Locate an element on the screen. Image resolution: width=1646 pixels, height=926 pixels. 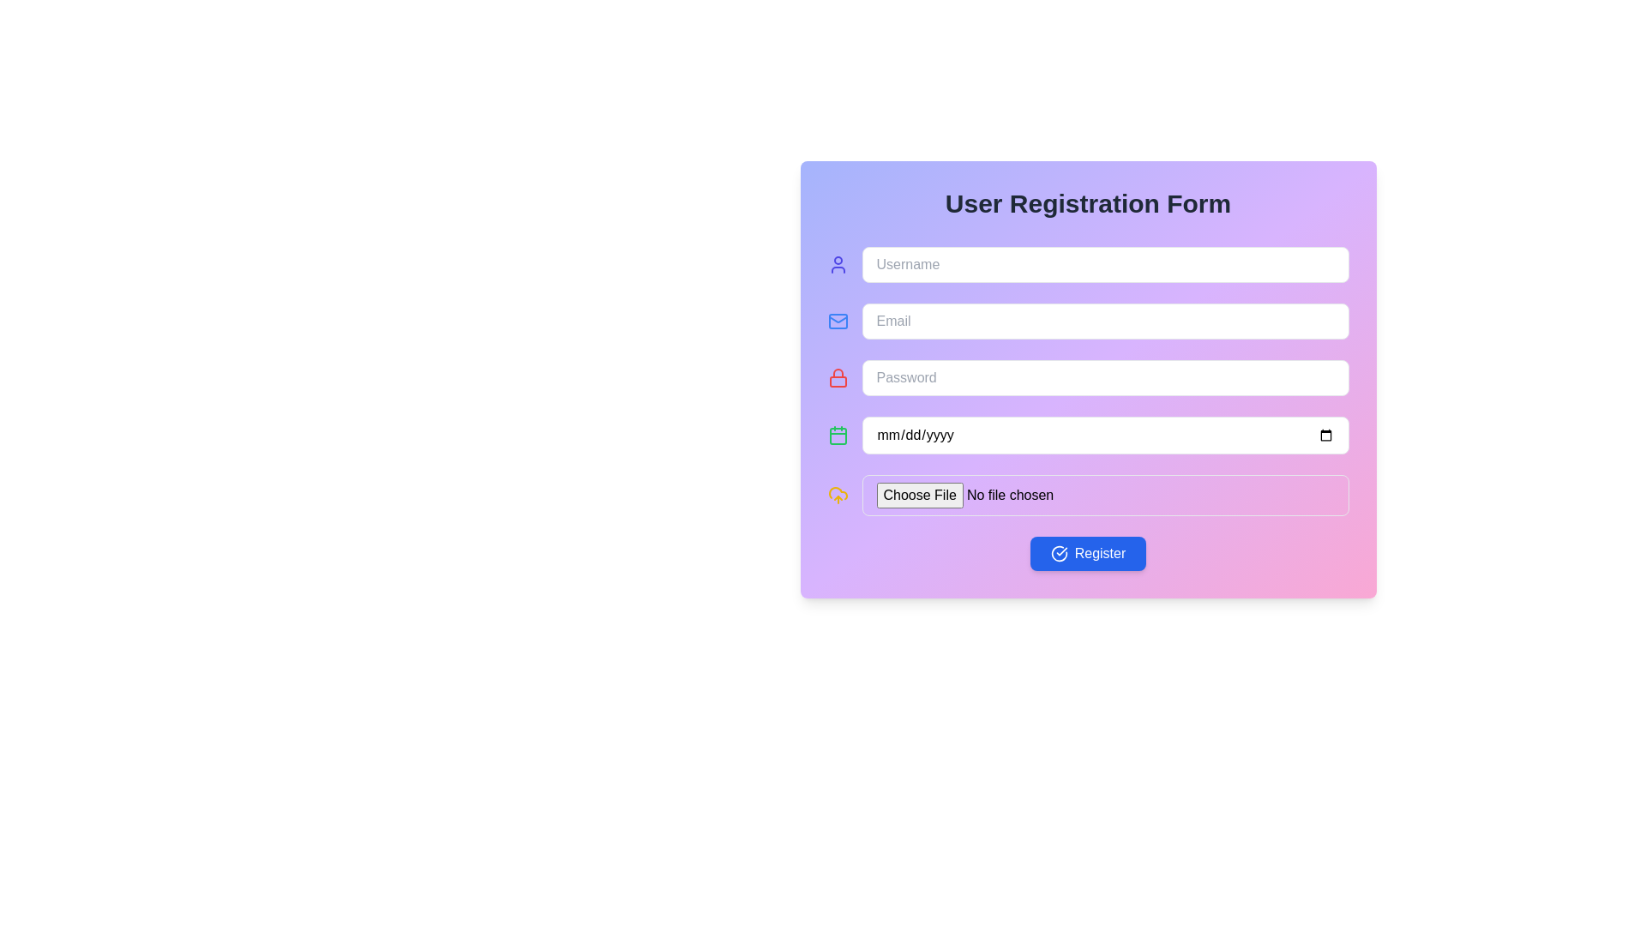
the 'Register' button located at the bottom of the form to initiate the registration process is located at coordinates (1058, 553).